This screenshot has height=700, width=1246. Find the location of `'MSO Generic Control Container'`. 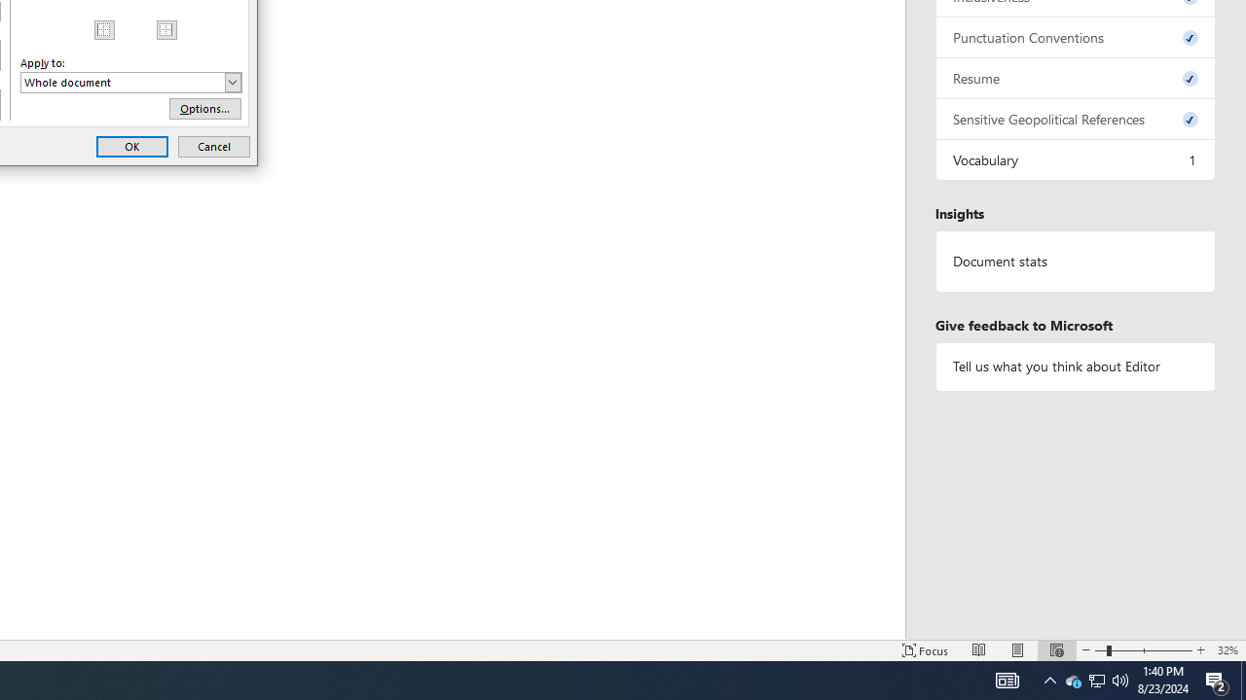

'MSO Generic Control Container' is located at coordinates (103, 29).